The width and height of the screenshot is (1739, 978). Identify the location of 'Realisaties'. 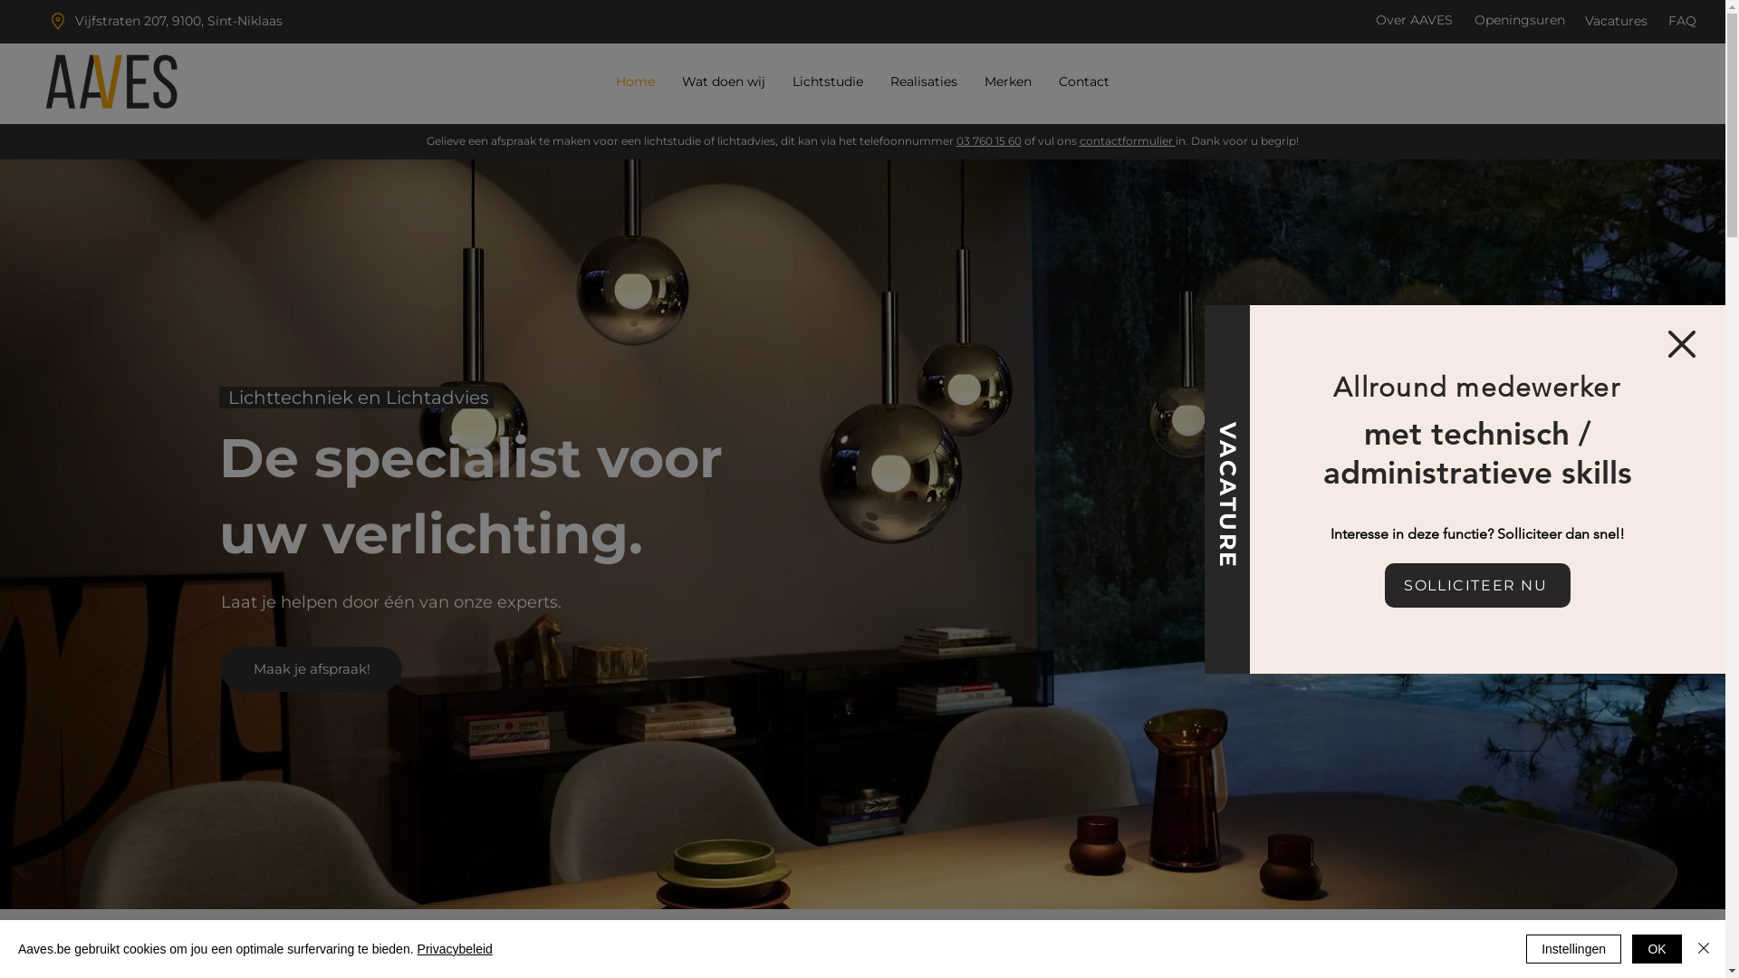
(923, 81).